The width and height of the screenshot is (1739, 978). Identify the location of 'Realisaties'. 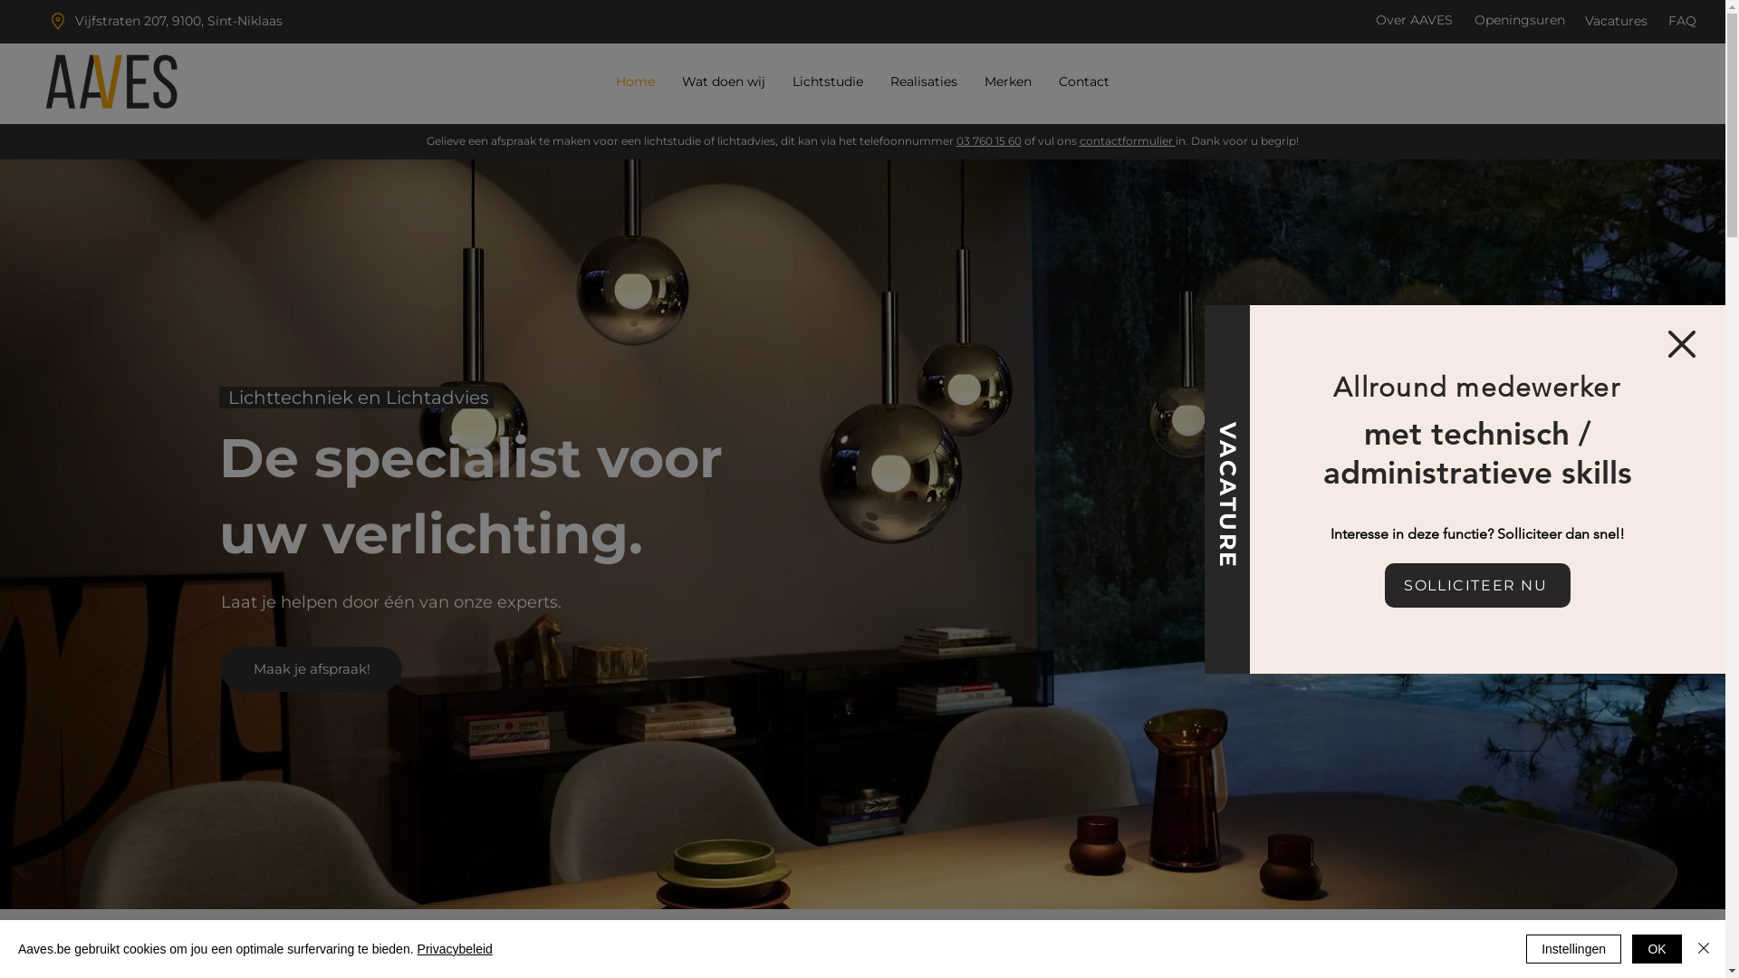
(923, 81).